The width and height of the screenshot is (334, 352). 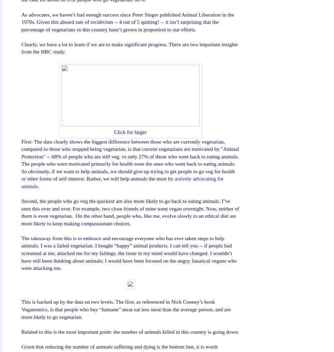 What do you see at coordinates (129, 48) in the screenshot?
I see `'Clearly, we have a lot to learn if we are to make significant progress. There are two important insights from the HRC study.'` at bounding box center [129, 48].